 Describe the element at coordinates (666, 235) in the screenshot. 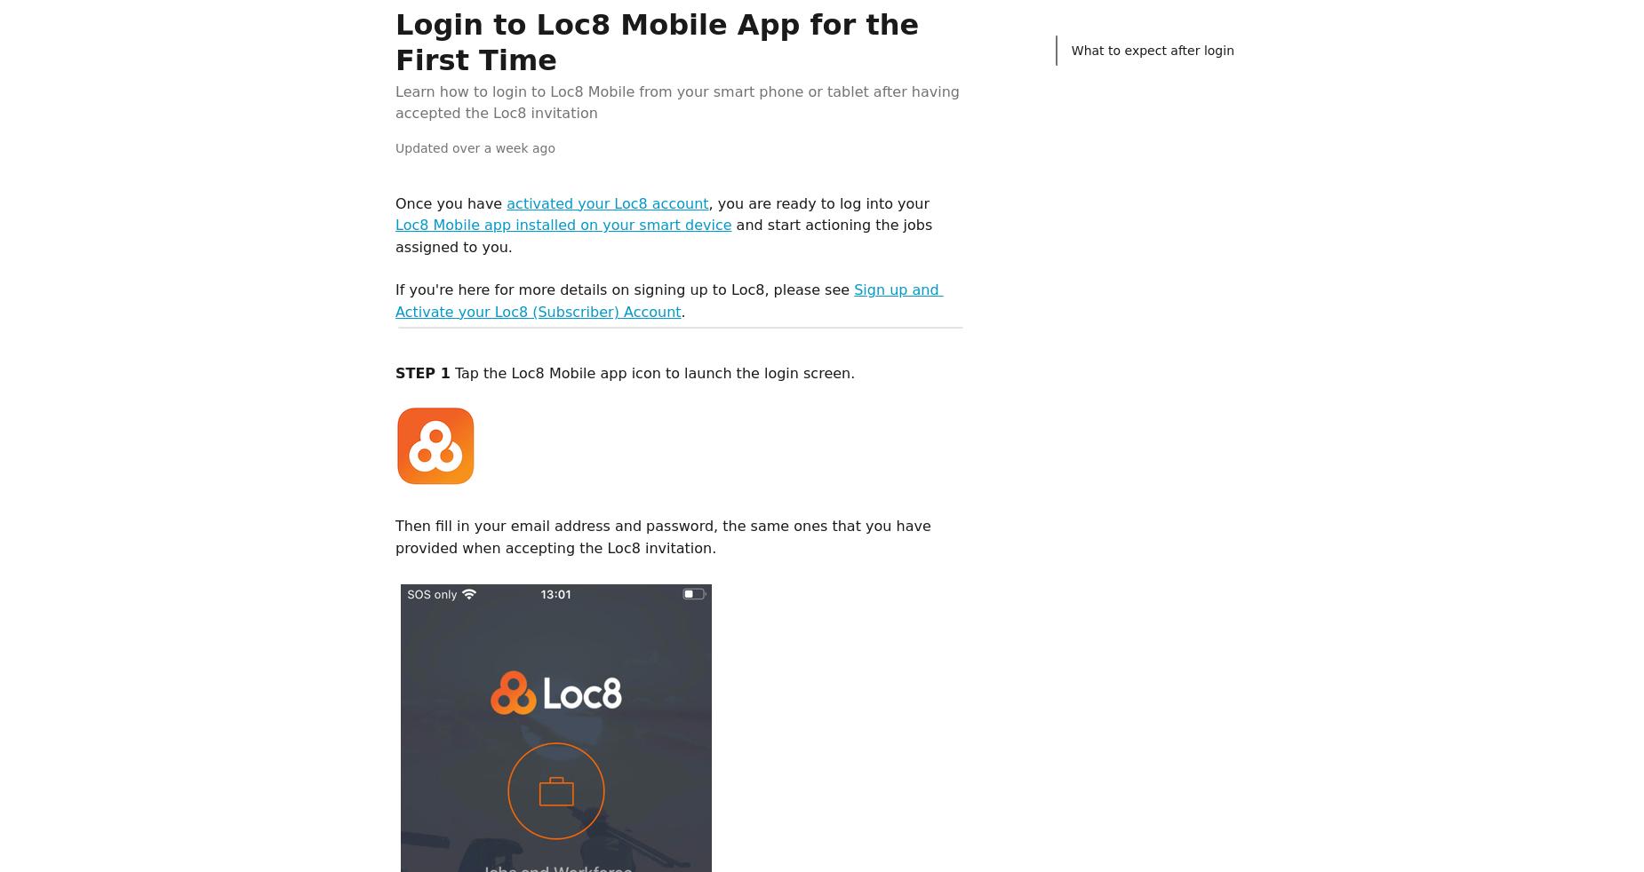

I see `'and start actioning the jobs assigned to you.'` at that location.